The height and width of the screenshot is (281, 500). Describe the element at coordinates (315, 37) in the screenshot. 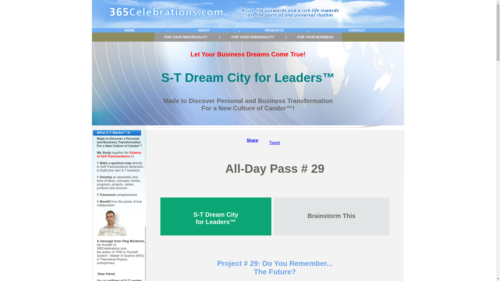

I see `'FOR YOUR BUSINESS'` at that location.